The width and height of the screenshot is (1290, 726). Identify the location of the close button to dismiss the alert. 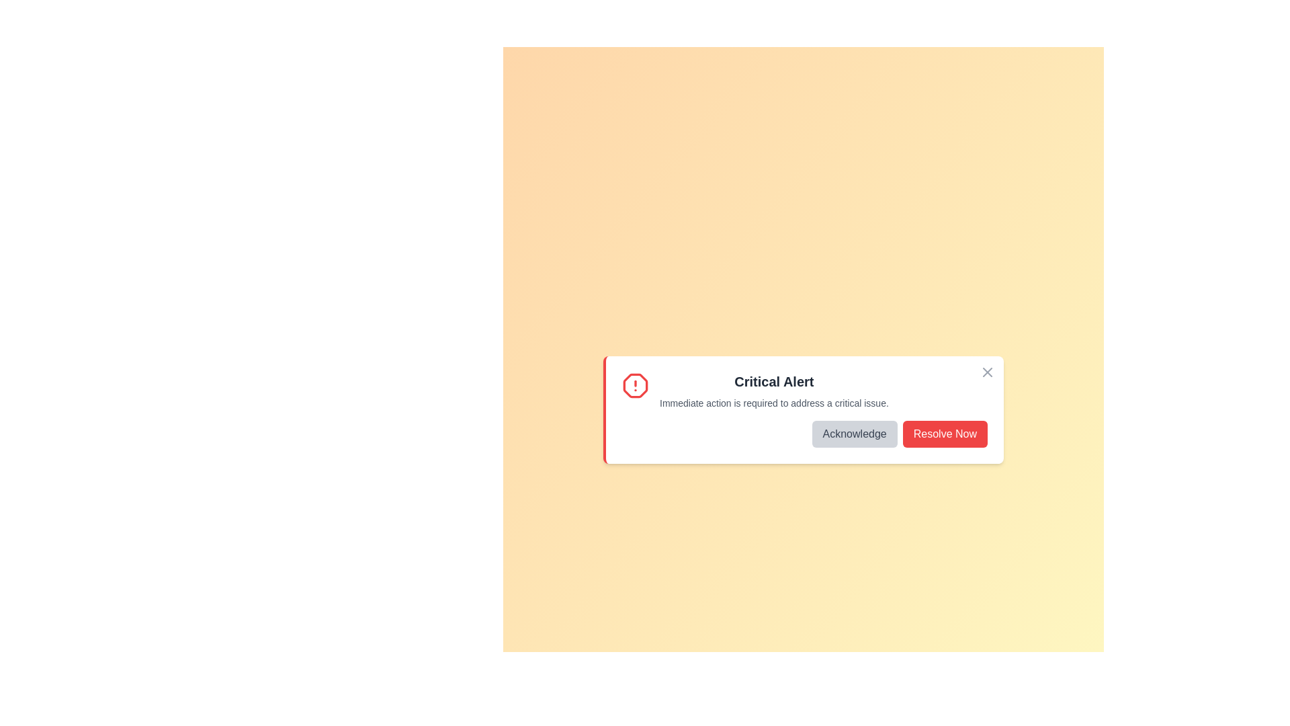
(987, 372).